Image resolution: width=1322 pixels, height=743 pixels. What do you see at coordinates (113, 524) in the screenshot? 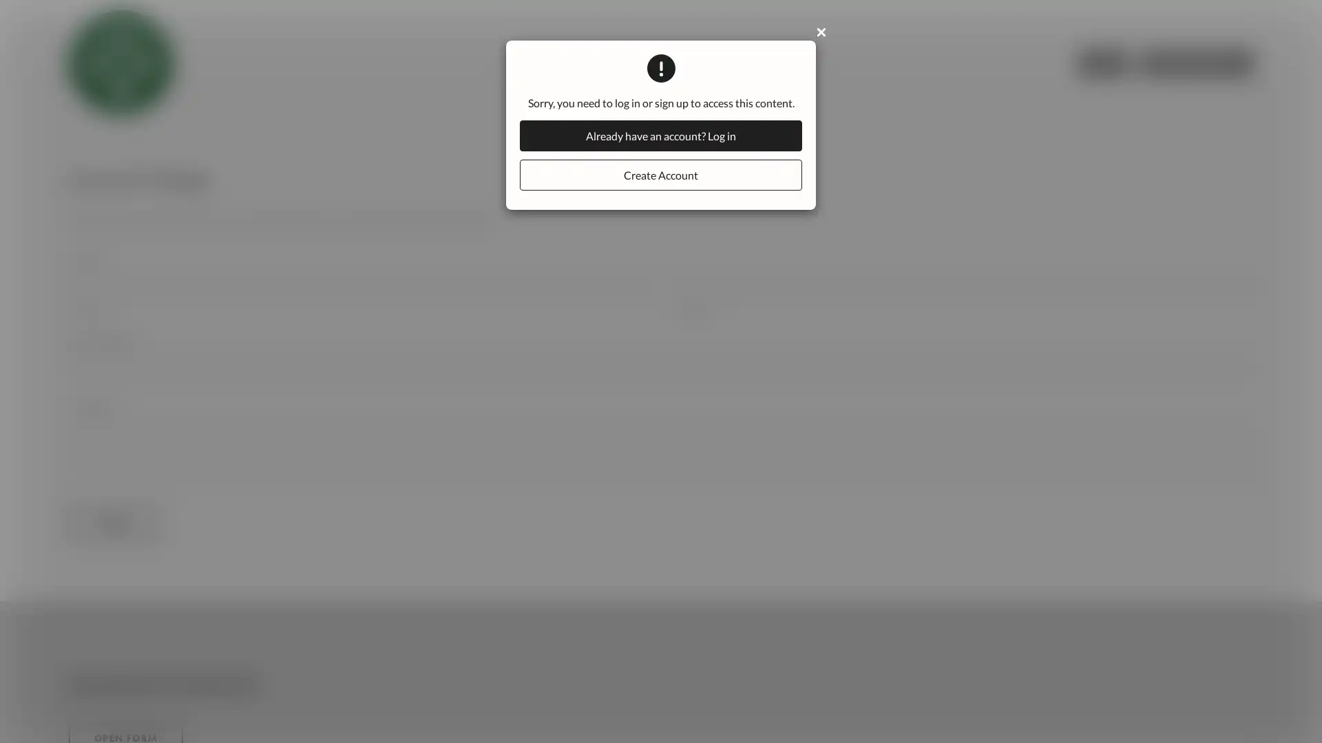
I see `Submit` at bounding box center [113, 524].